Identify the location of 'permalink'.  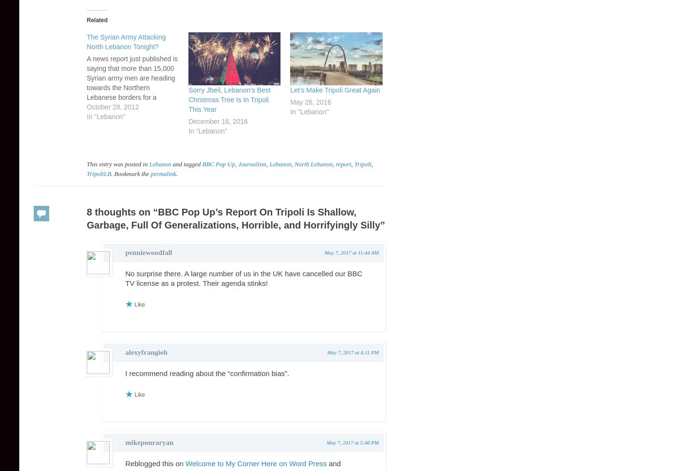
(163, 173).